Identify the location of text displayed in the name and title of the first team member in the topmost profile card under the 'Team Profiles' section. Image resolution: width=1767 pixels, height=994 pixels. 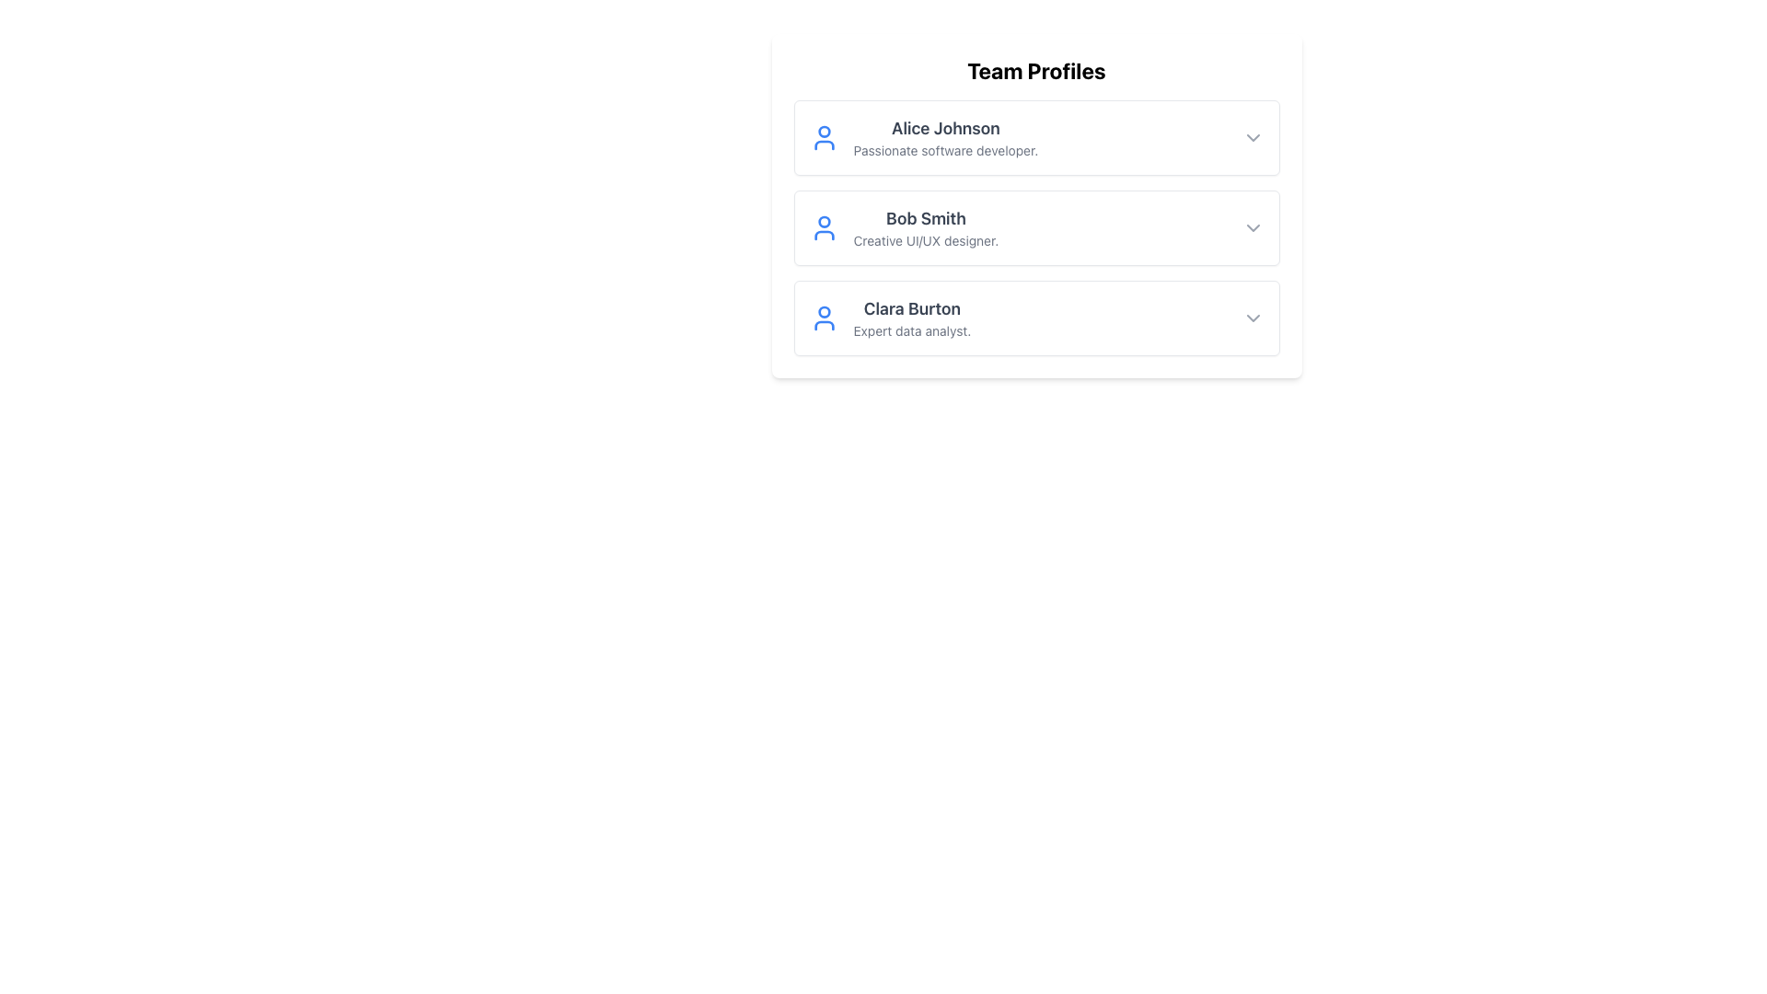
(945, 137).